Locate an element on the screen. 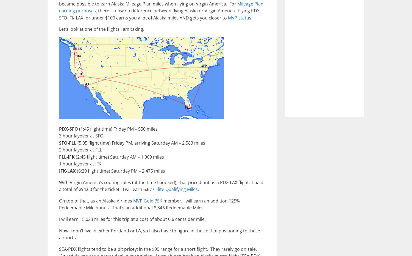  'member, I will earn an addition 125% Redeemable Mile bonus.  That’s an additional 8,346 Redeemable Miles.' is located at coordinates (149, 204).